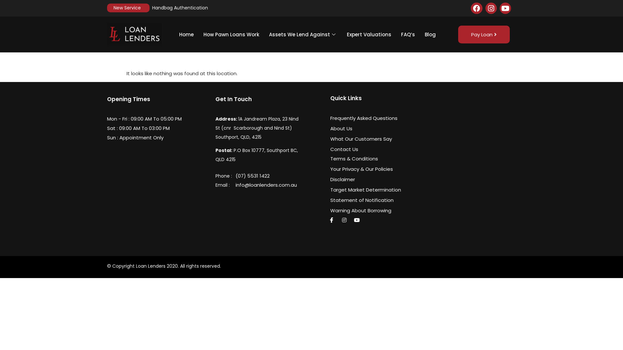 Image resolution: width=623 pixels, height=350 pixels. I want to click on 'Pay Loan', so click(484, 34).